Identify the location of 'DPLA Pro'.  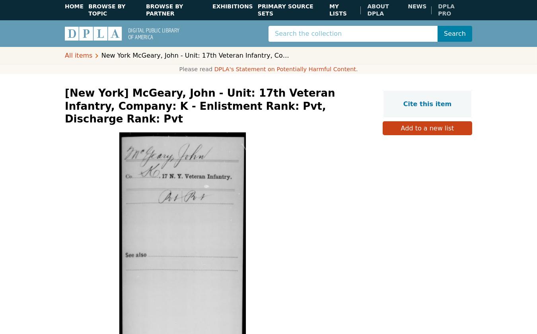
(446, 10).